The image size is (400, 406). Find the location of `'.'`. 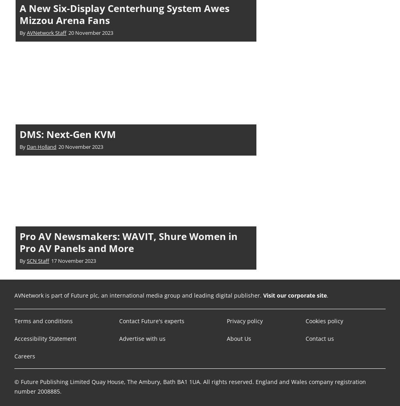

'.' is located at coordinates (326, 294).